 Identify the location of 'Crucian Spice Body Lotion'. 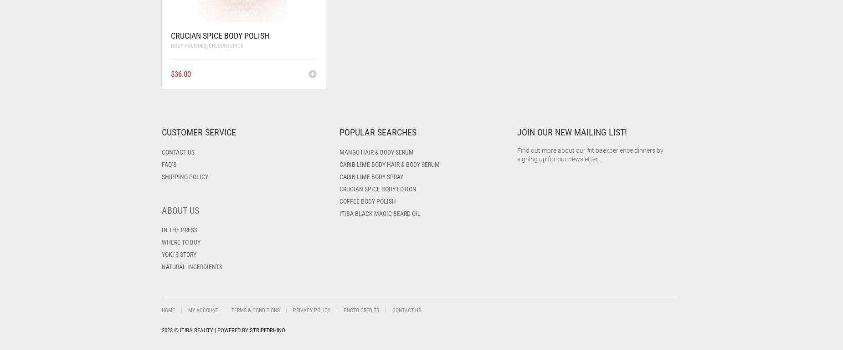
(378, 189).